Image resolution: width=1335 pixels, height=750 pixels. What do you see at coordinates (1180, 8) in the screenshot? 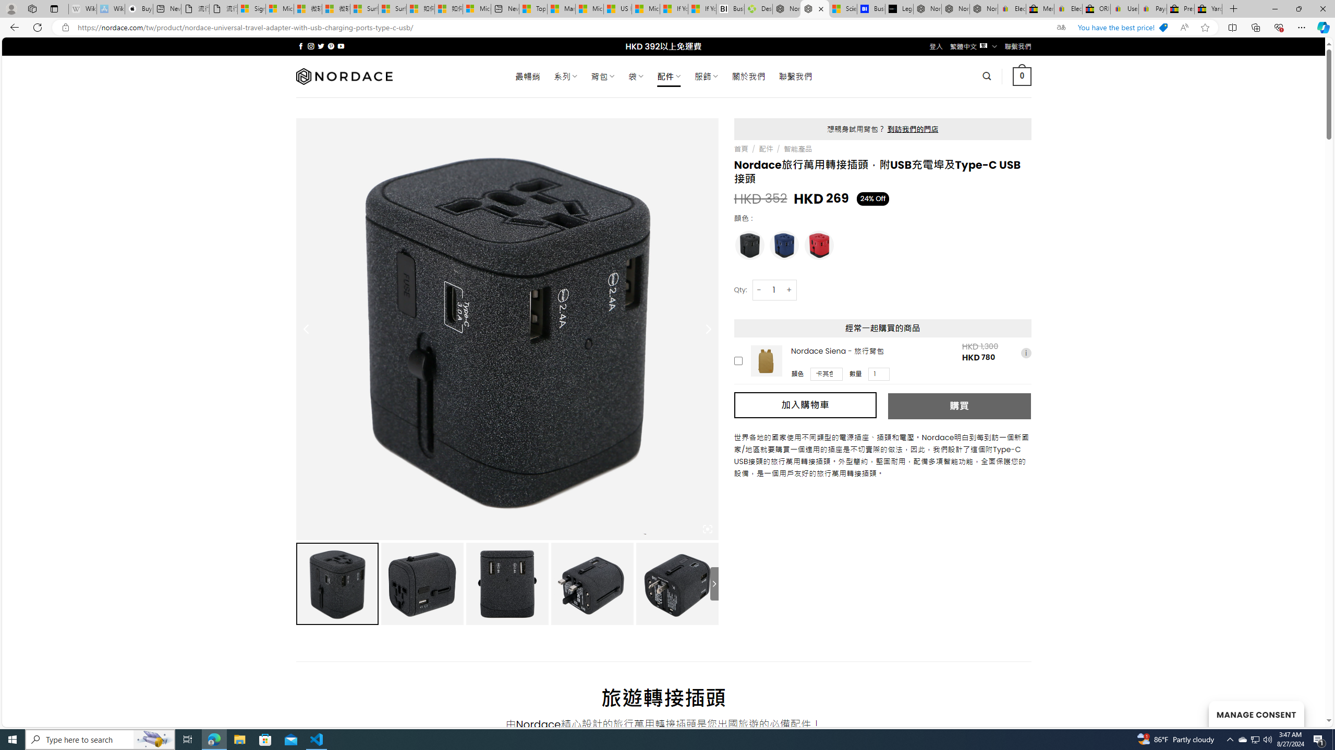
I see `'Press Room - eBay Inc.'` at bounding box center [1180, 8].